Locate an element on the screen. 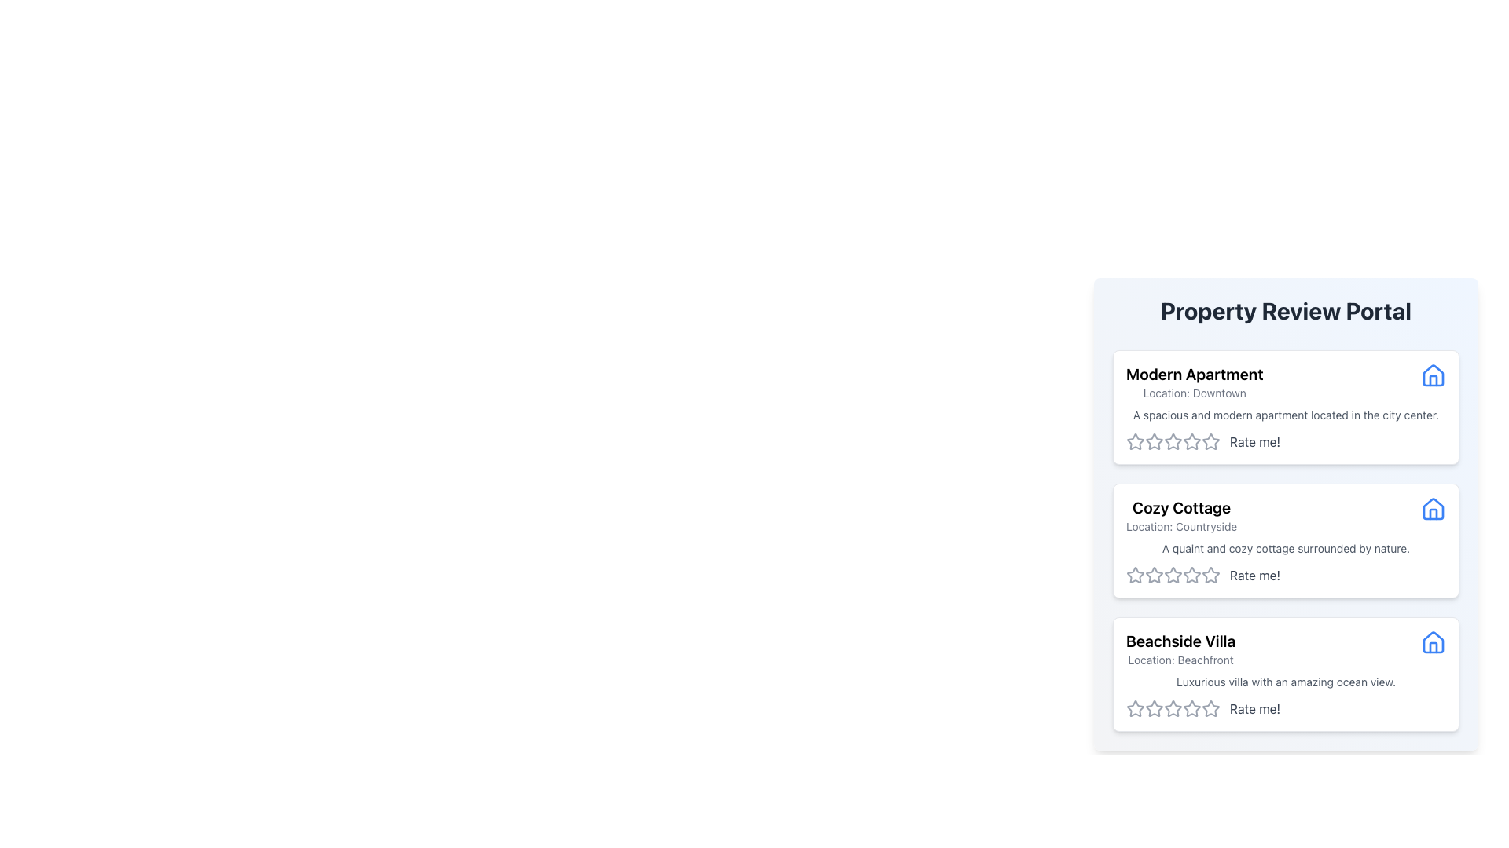 This screenshot has width=1509, height=848. text label displaying the description 'Luxurious villa with an amazing ocean view.' located beneath the title and location information of 'Beachside Villa' in the 'Property Review Portal' interface is located at coordinates (1286, 681).